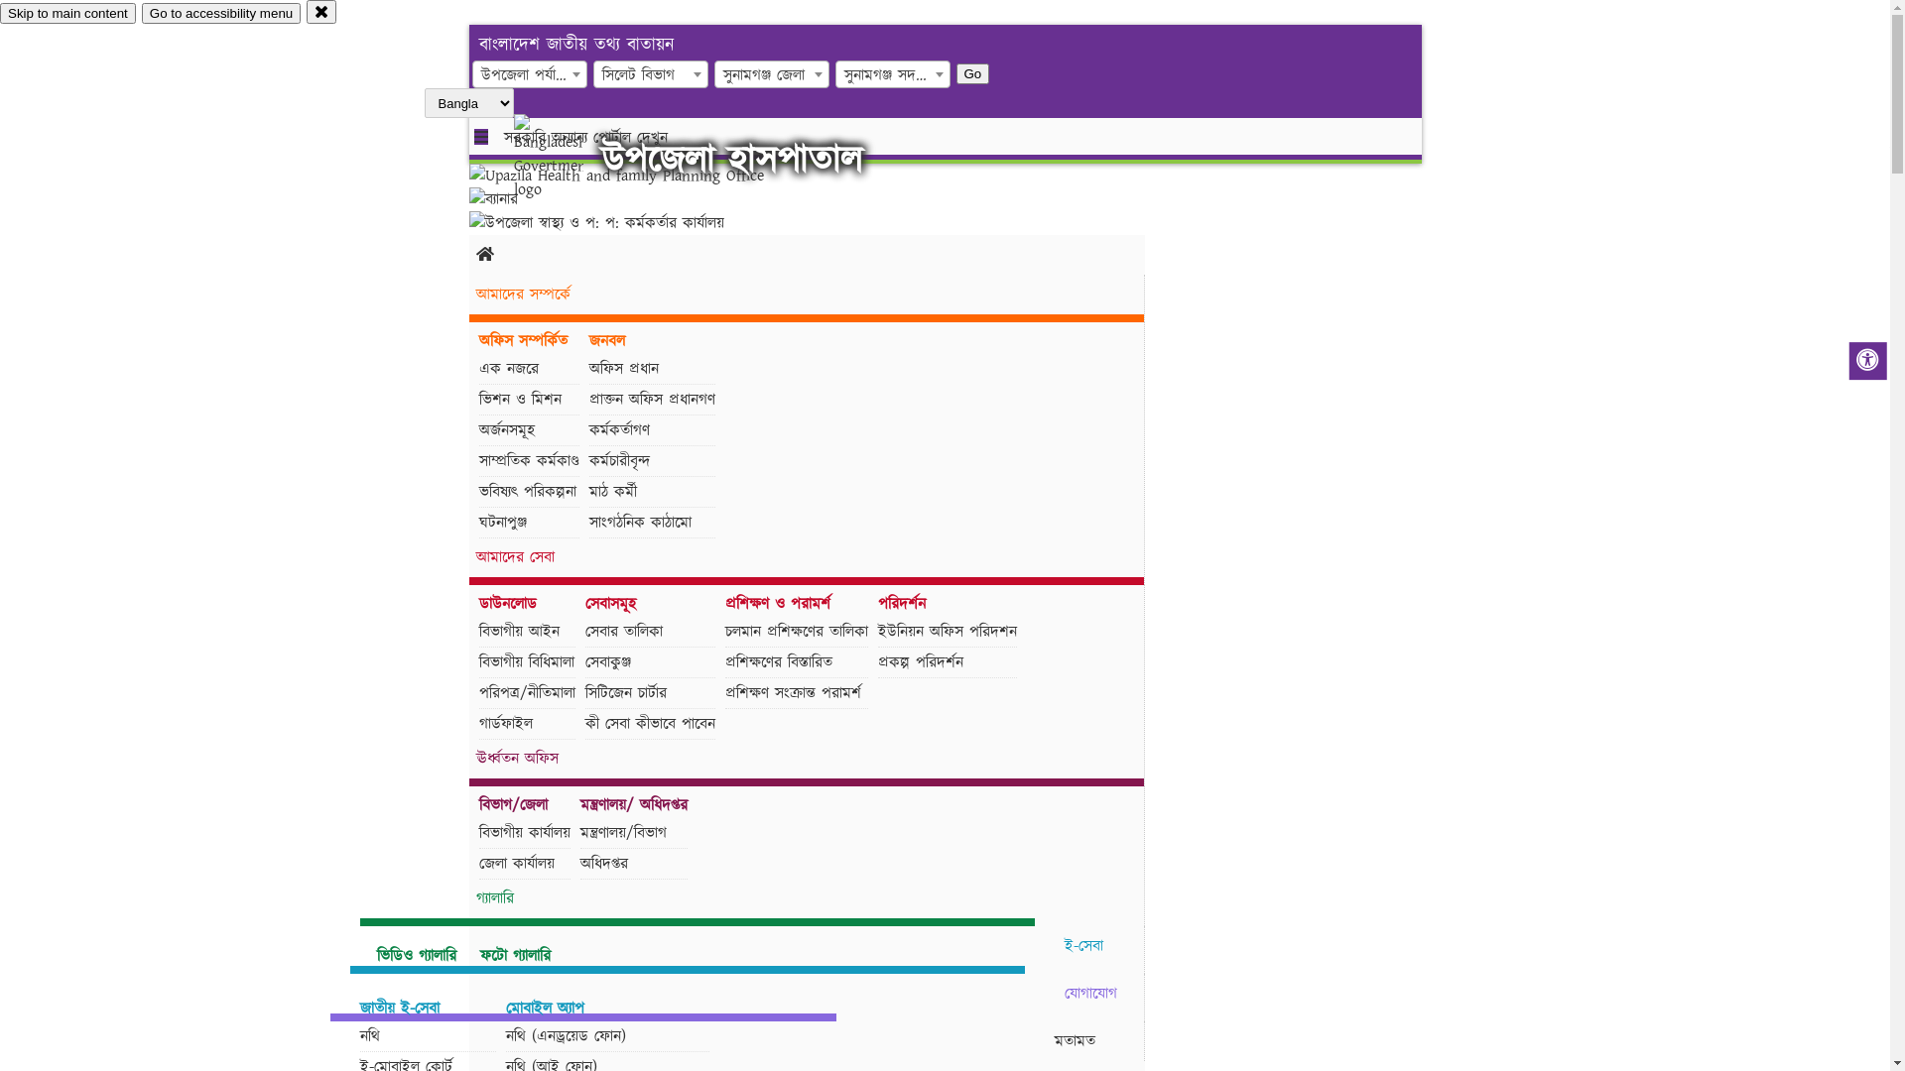 The height and width of the screenshot is (1071, 1905). Describe the element at coordinates (321, 11) in the screenshot. I see `'close'` at that location.